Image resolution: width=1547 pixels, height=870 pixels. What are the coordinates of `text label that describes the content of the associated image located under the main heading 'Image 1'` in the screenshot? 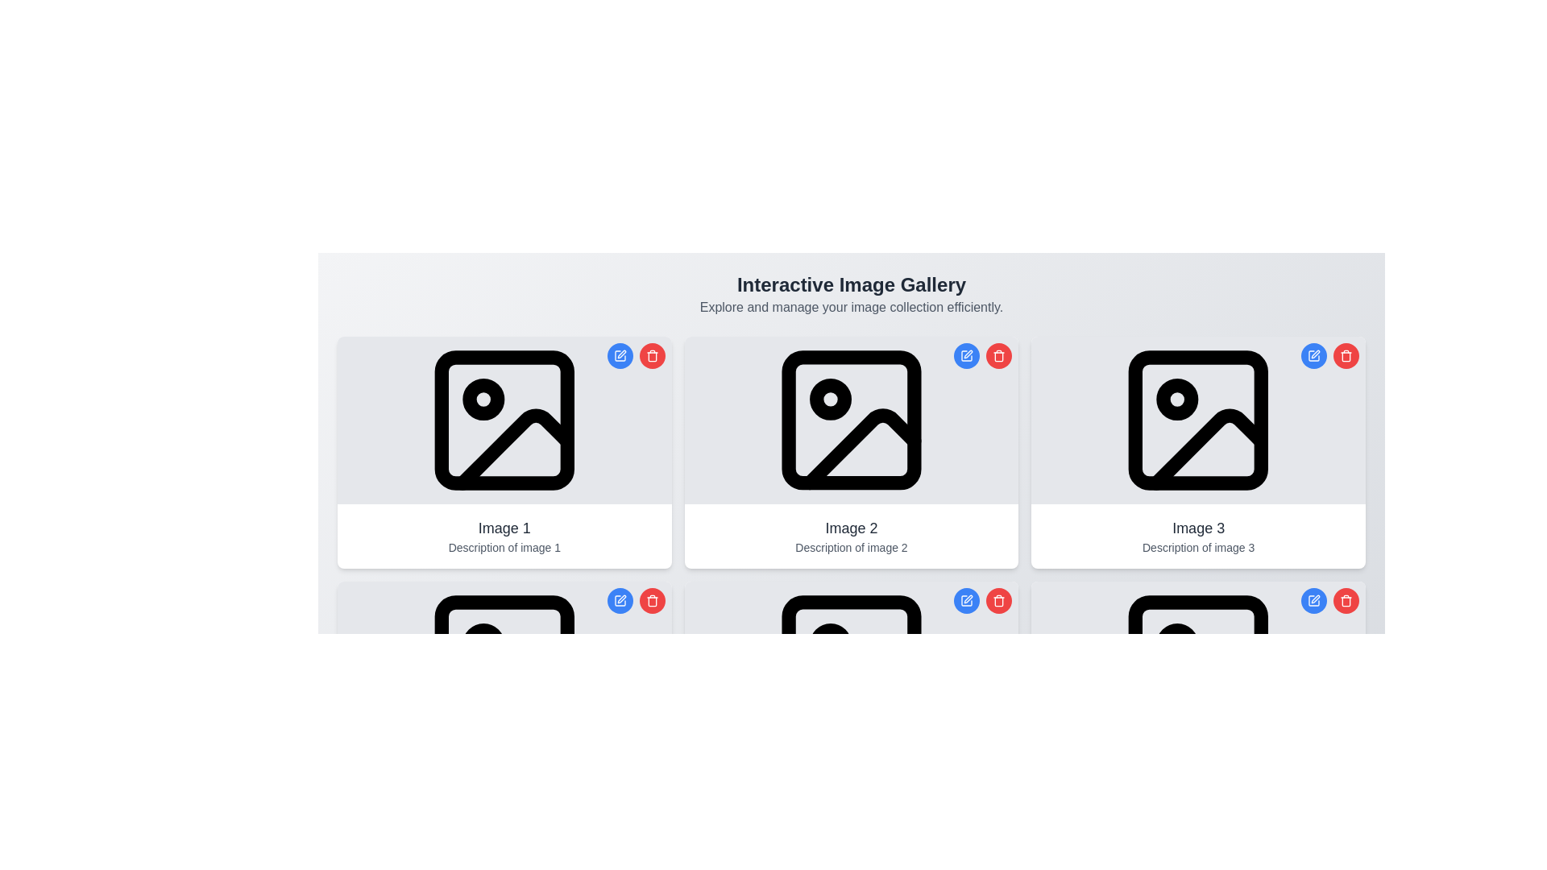 It's located at (504, 546).